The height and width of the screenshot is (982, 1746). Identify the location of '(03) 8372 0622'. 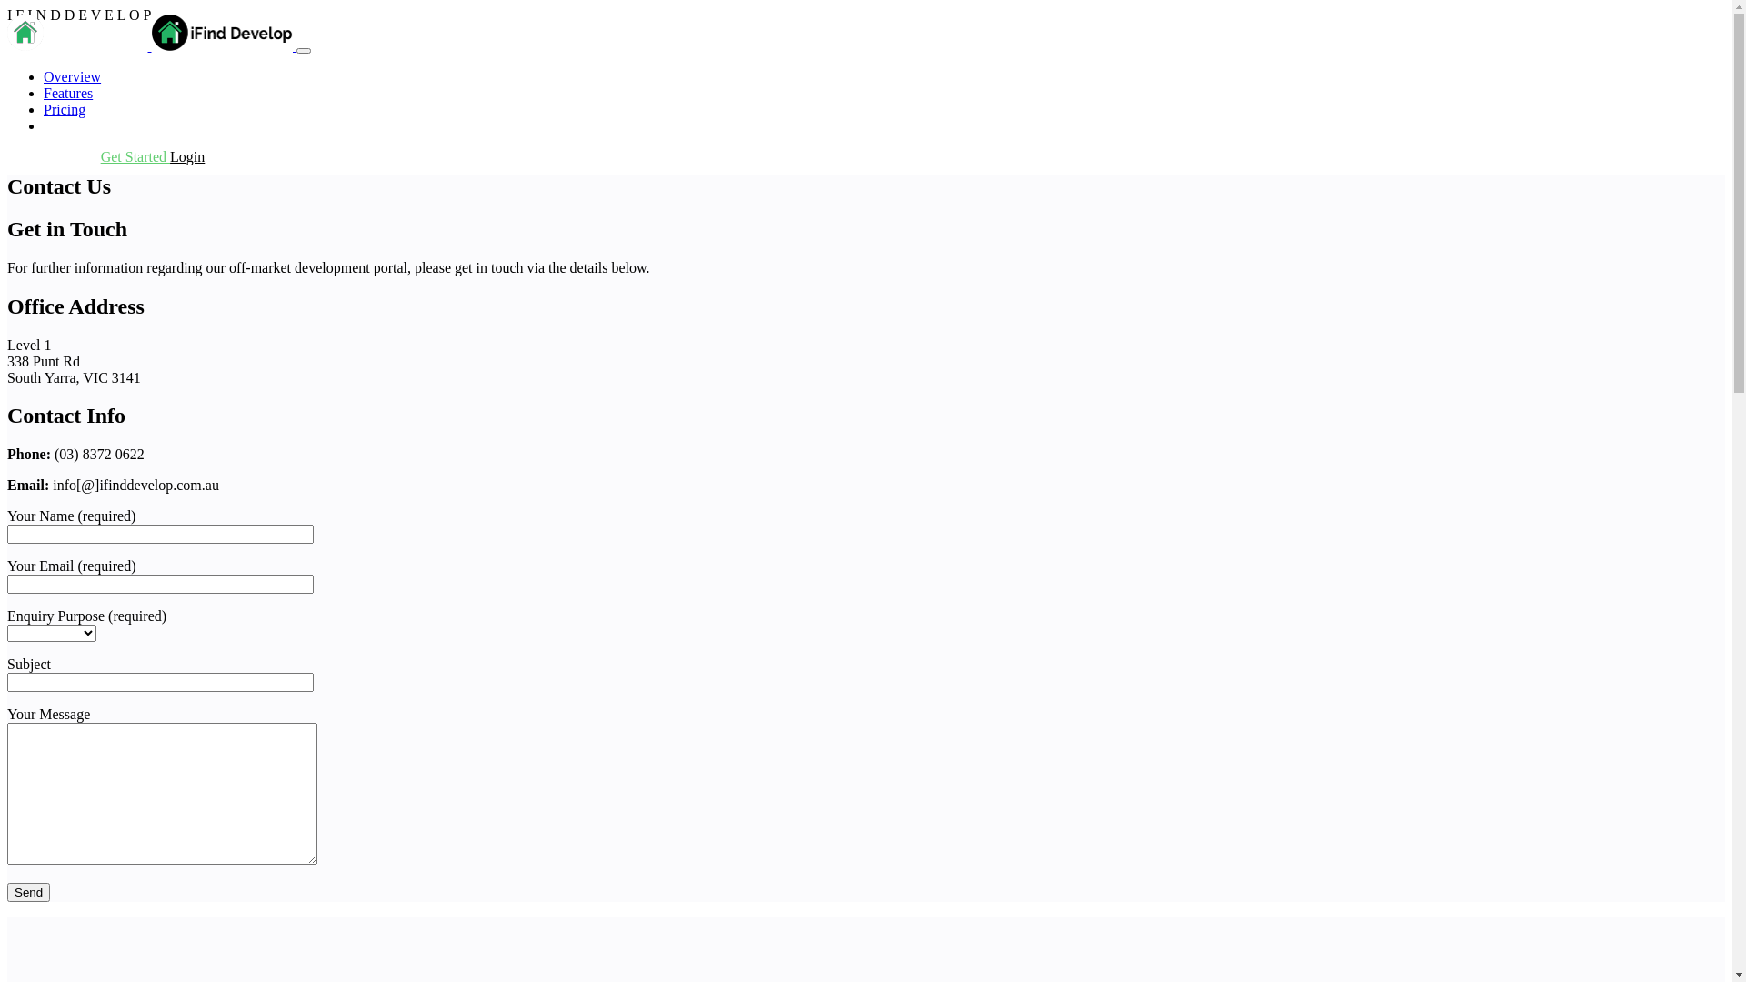
(7, 155).